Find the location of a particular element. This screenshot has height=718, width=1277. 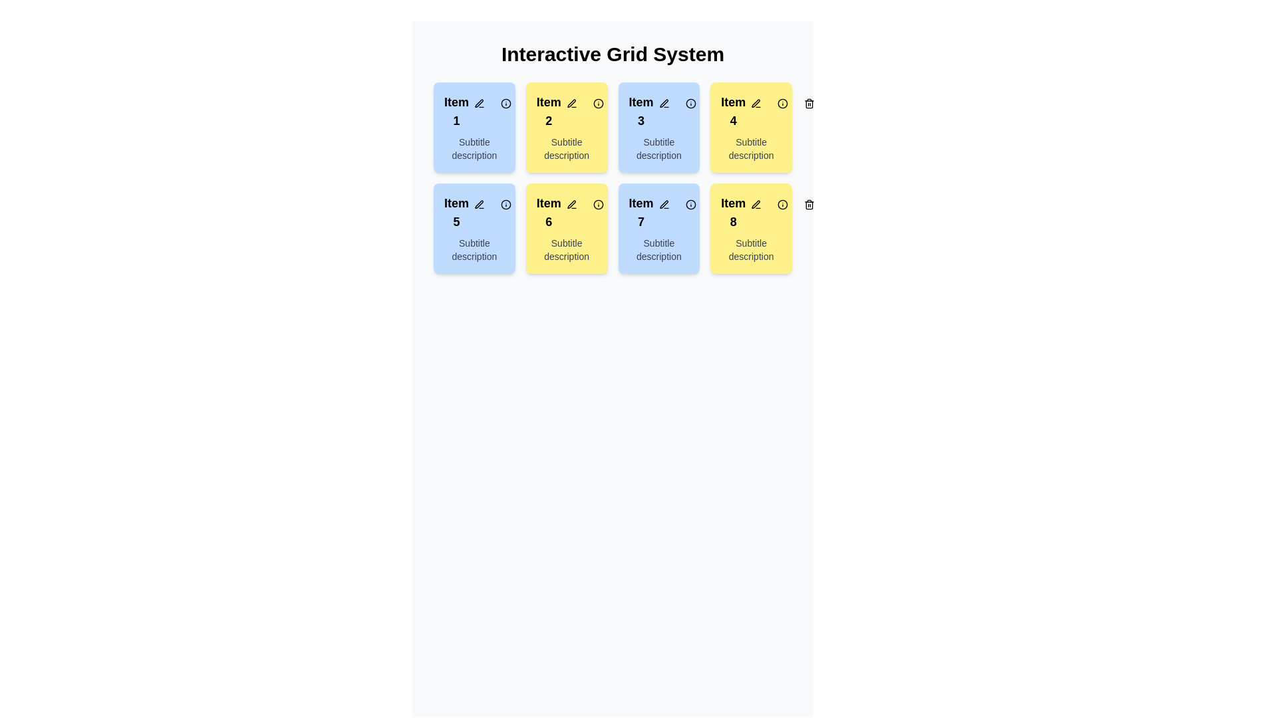

the pen icon located in the top-right section of the fifth tile labeled 'Item 5' is located at coordinates (479, 205).